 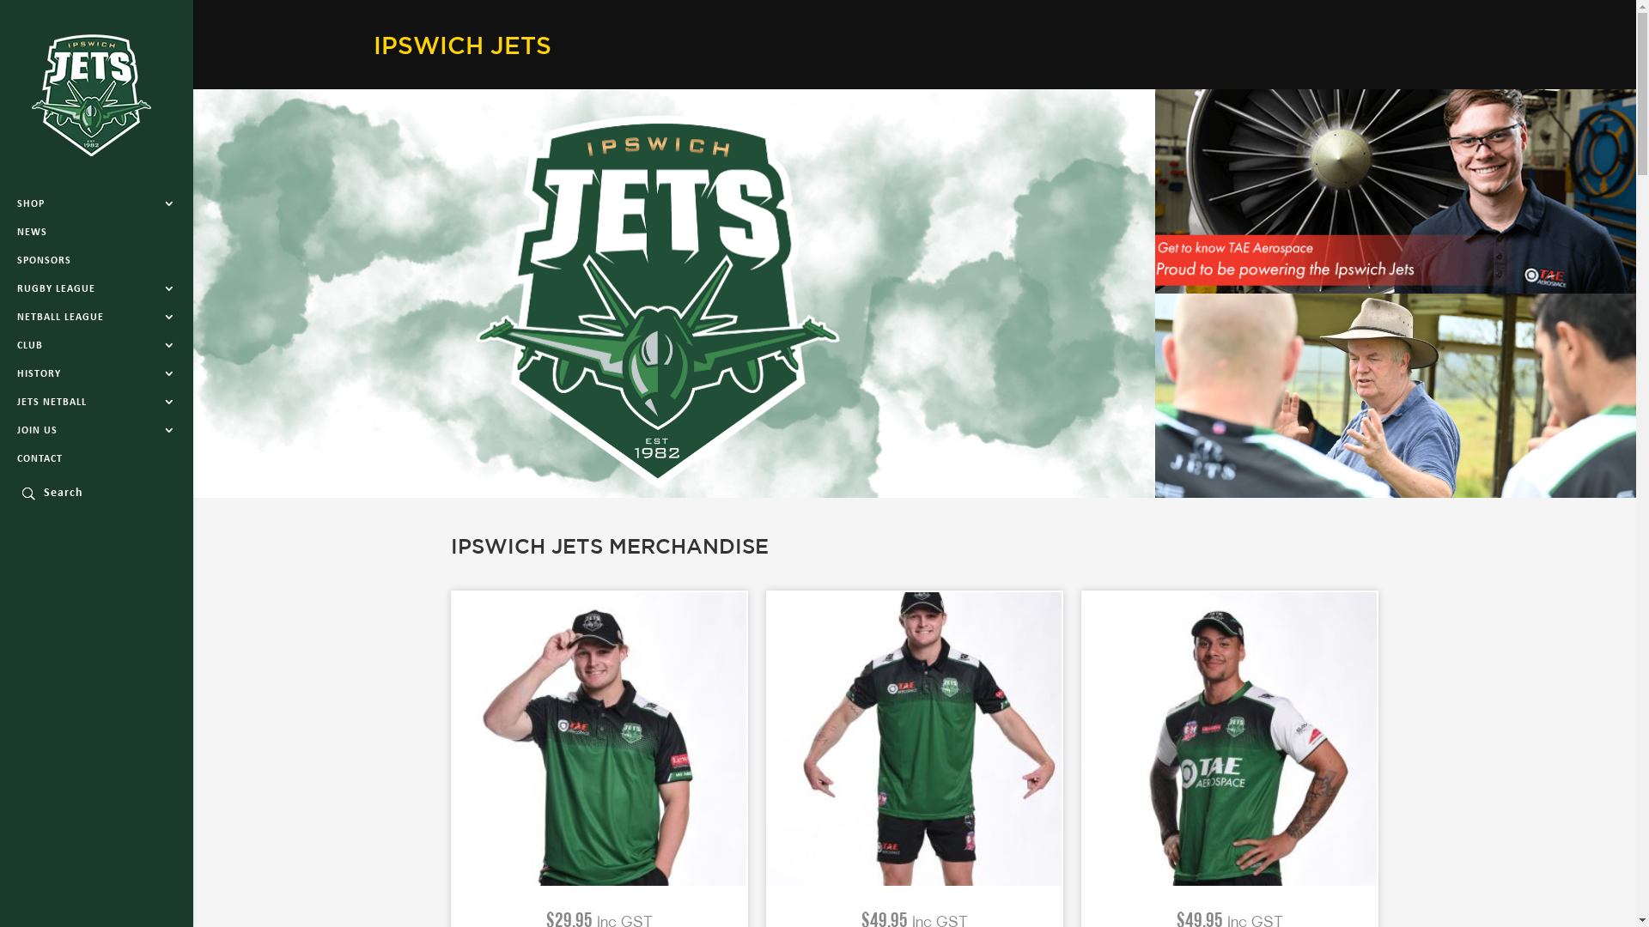 What do you see at coordinates (0, 373) in the screenshot?
I see `'HISTORY'` at bounding box center [0, 373].